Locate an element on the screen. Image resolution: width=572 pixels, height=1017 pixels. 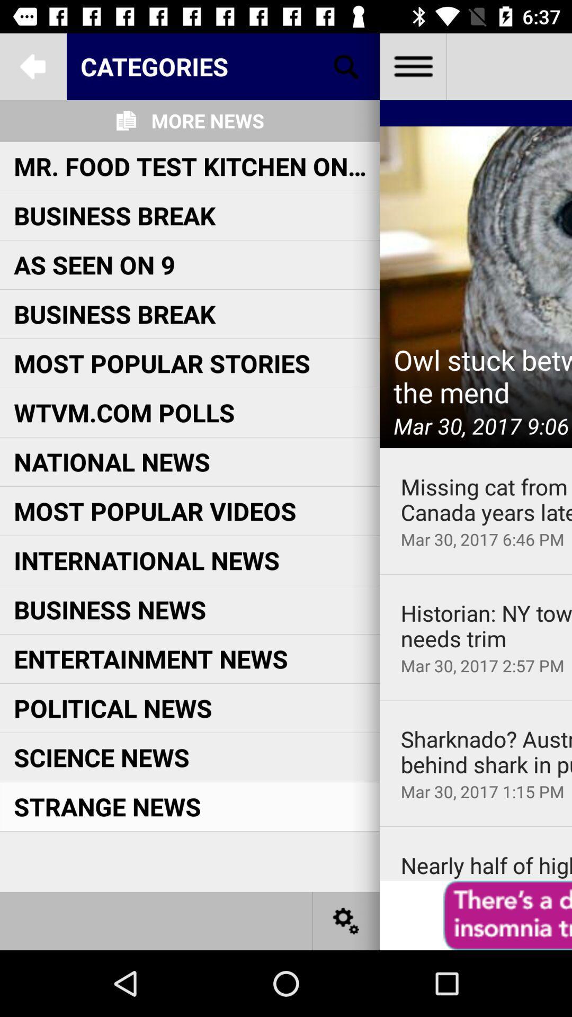
the arrow_backward icon is located at coordinates (32, 66).